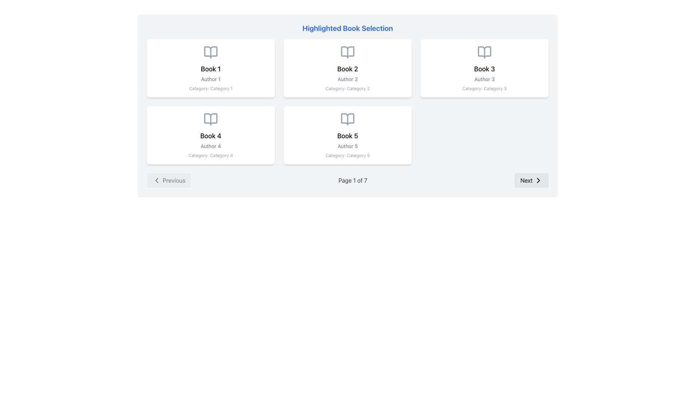  What do you see at coordinates (347, 69) in the screenshot?
I see `the text label displaying 'Book 2', which is the title of the central book in the first row of a grid layout, styled with a large, medium-weight font` at bounding box center [347, 69].